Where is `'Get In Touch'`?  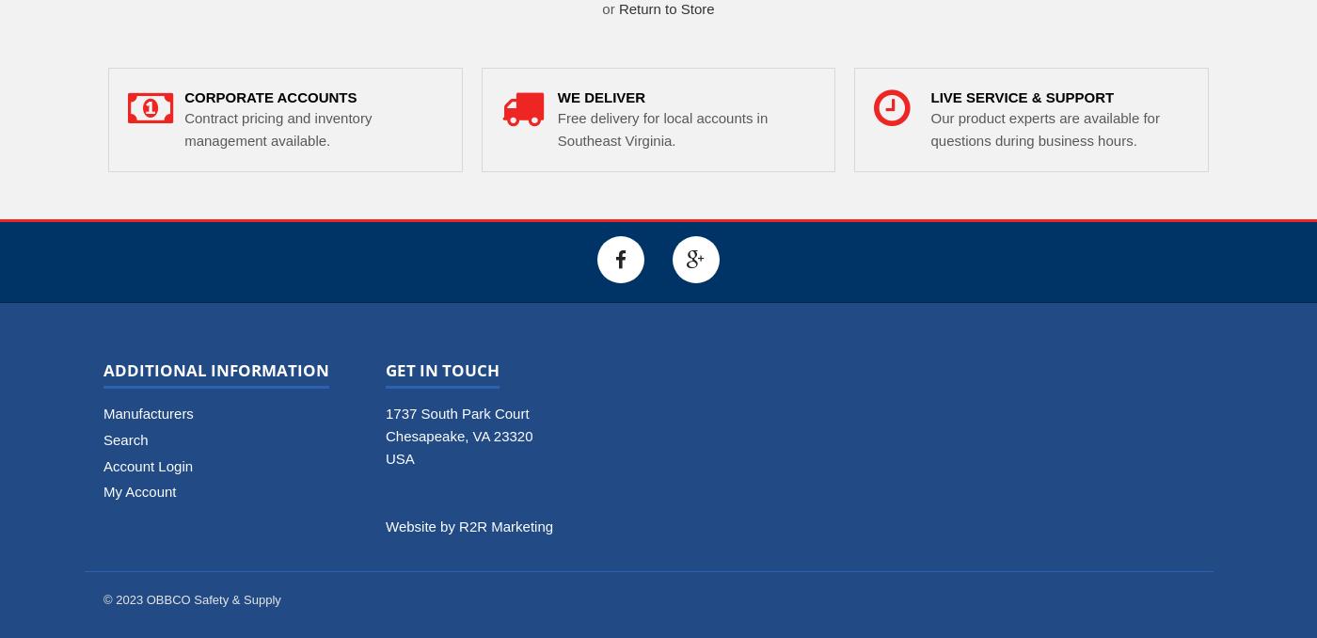
'Get In Touch' is located at coordinates (386, 369).